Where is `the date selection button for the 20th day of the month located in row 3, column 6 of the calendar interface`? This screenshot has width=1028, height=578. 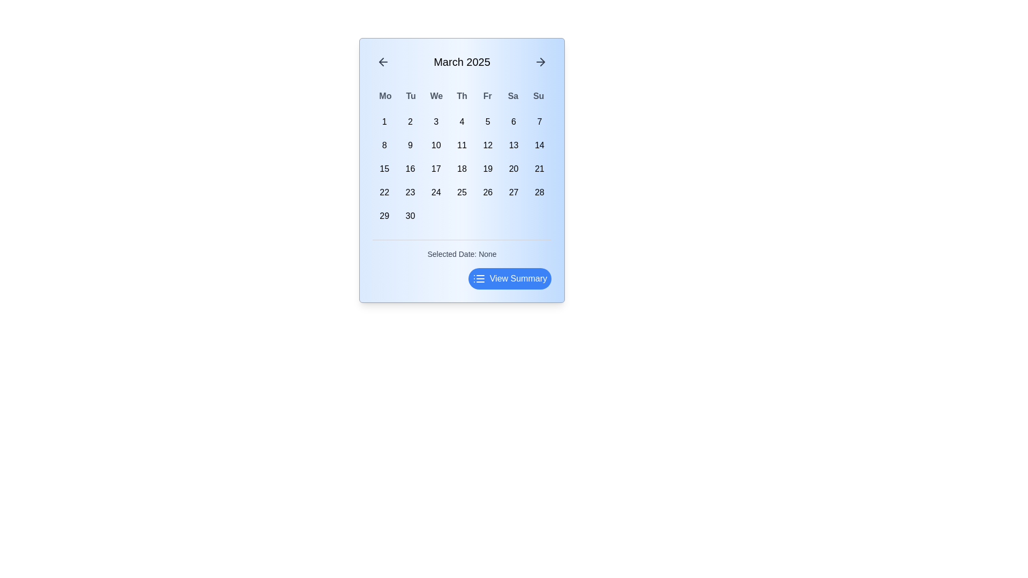 the date selection button for the 20th day of the month located in row 3, column 6 of the calendar interface is located at coordinates (513, 169).